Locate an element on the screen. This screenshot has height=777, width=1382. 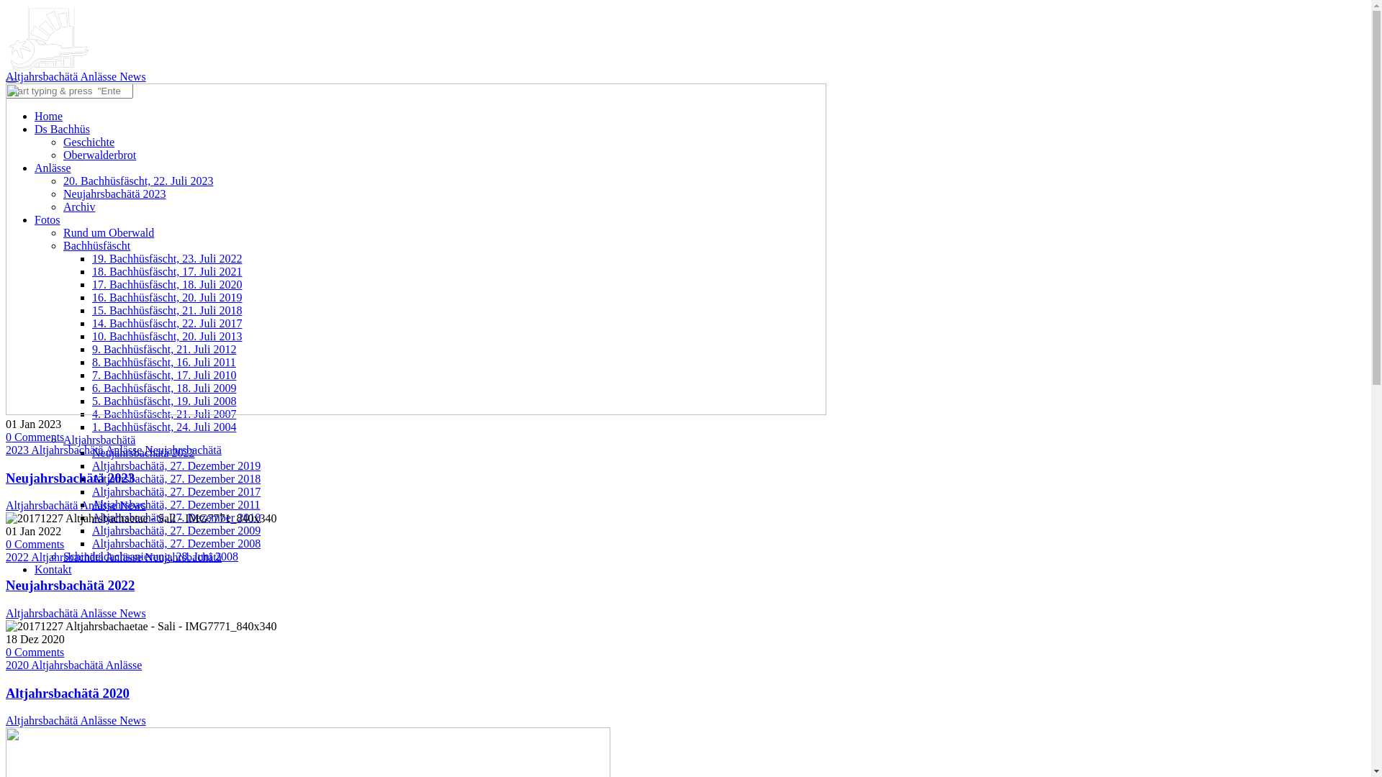
'2023' is located at coordinates (18, 449).